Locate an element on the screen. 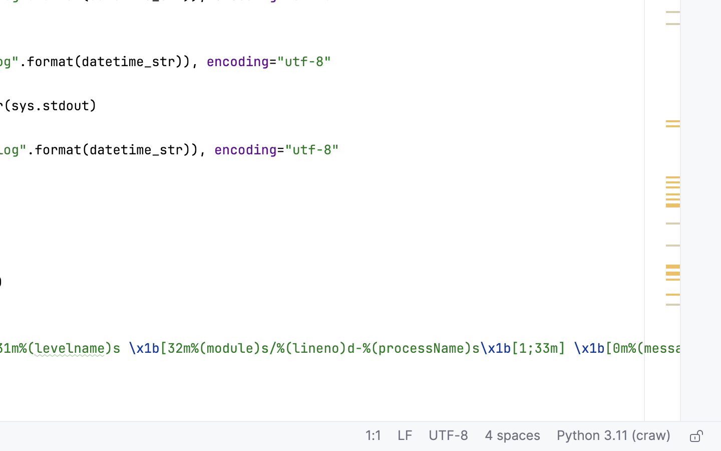 Image resolution: width=721 pixels, height=451 pixels. 'Make file read-only' is located at coordinates (695, 436).